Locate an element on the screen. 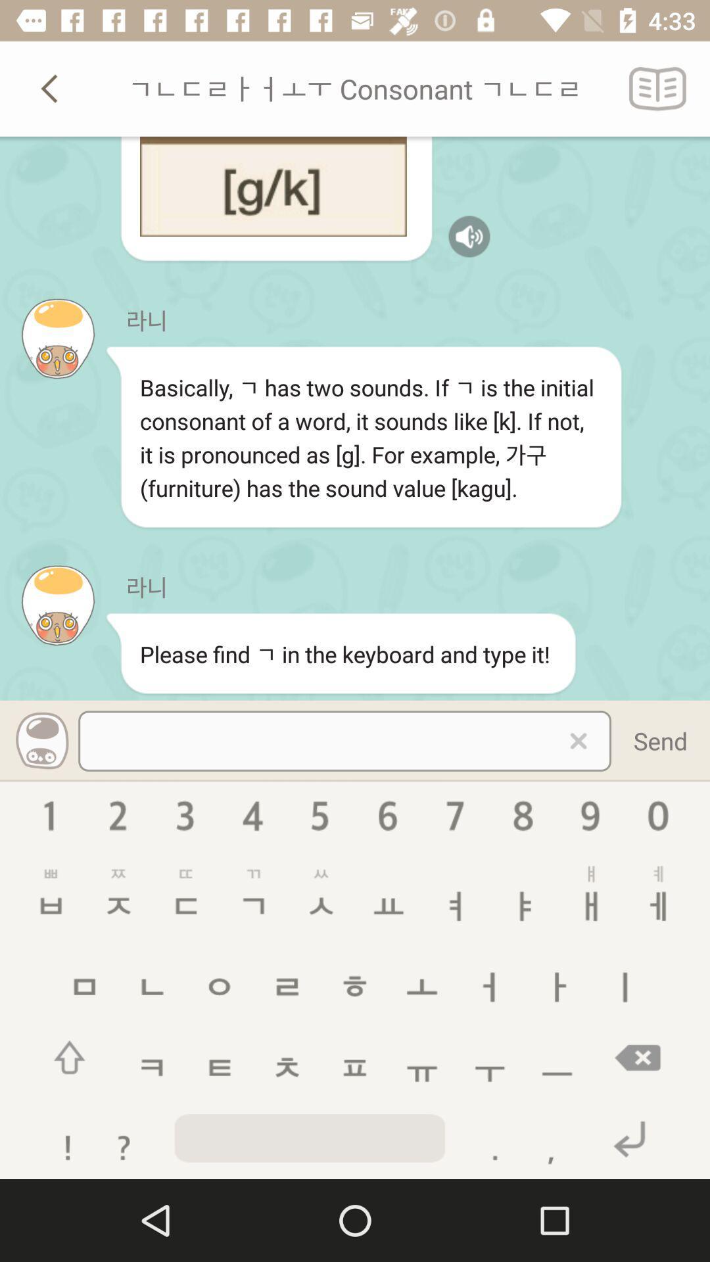 This screenshot has height=1262, width=710. the add icon is located at coordinates (495, 1138).